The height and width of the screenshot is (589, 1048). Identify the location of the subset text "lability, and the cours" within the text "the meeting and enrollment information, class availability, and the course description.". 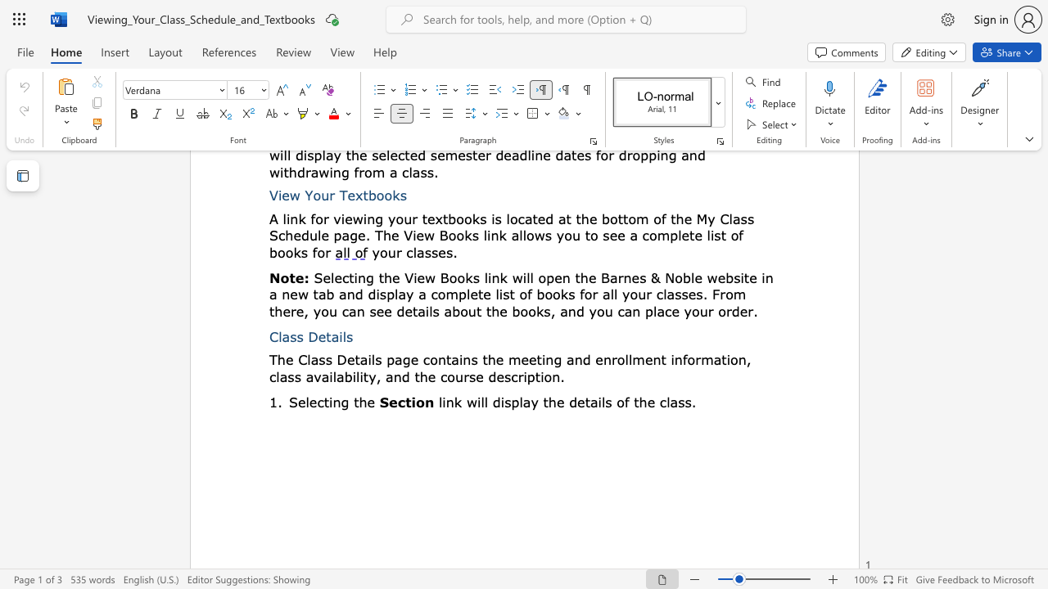
(332, 376).